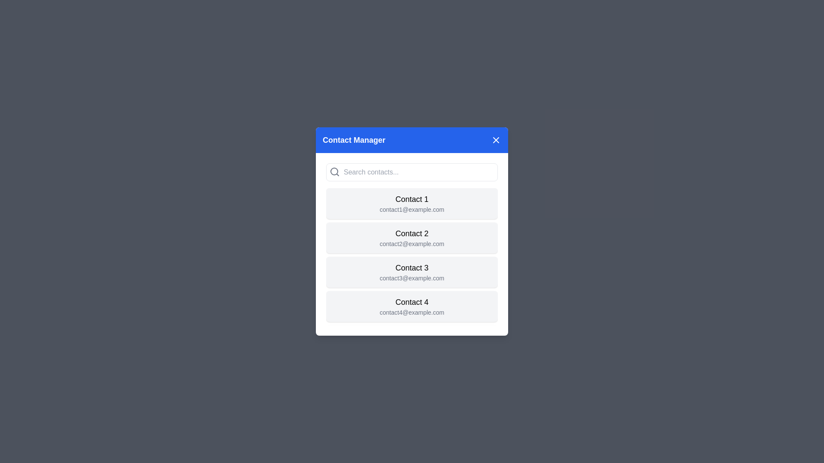  Describe the element at coordinates (412, 140) in the screenshot. I see `the blue bar at the top of the Contact Manager component` at that location.